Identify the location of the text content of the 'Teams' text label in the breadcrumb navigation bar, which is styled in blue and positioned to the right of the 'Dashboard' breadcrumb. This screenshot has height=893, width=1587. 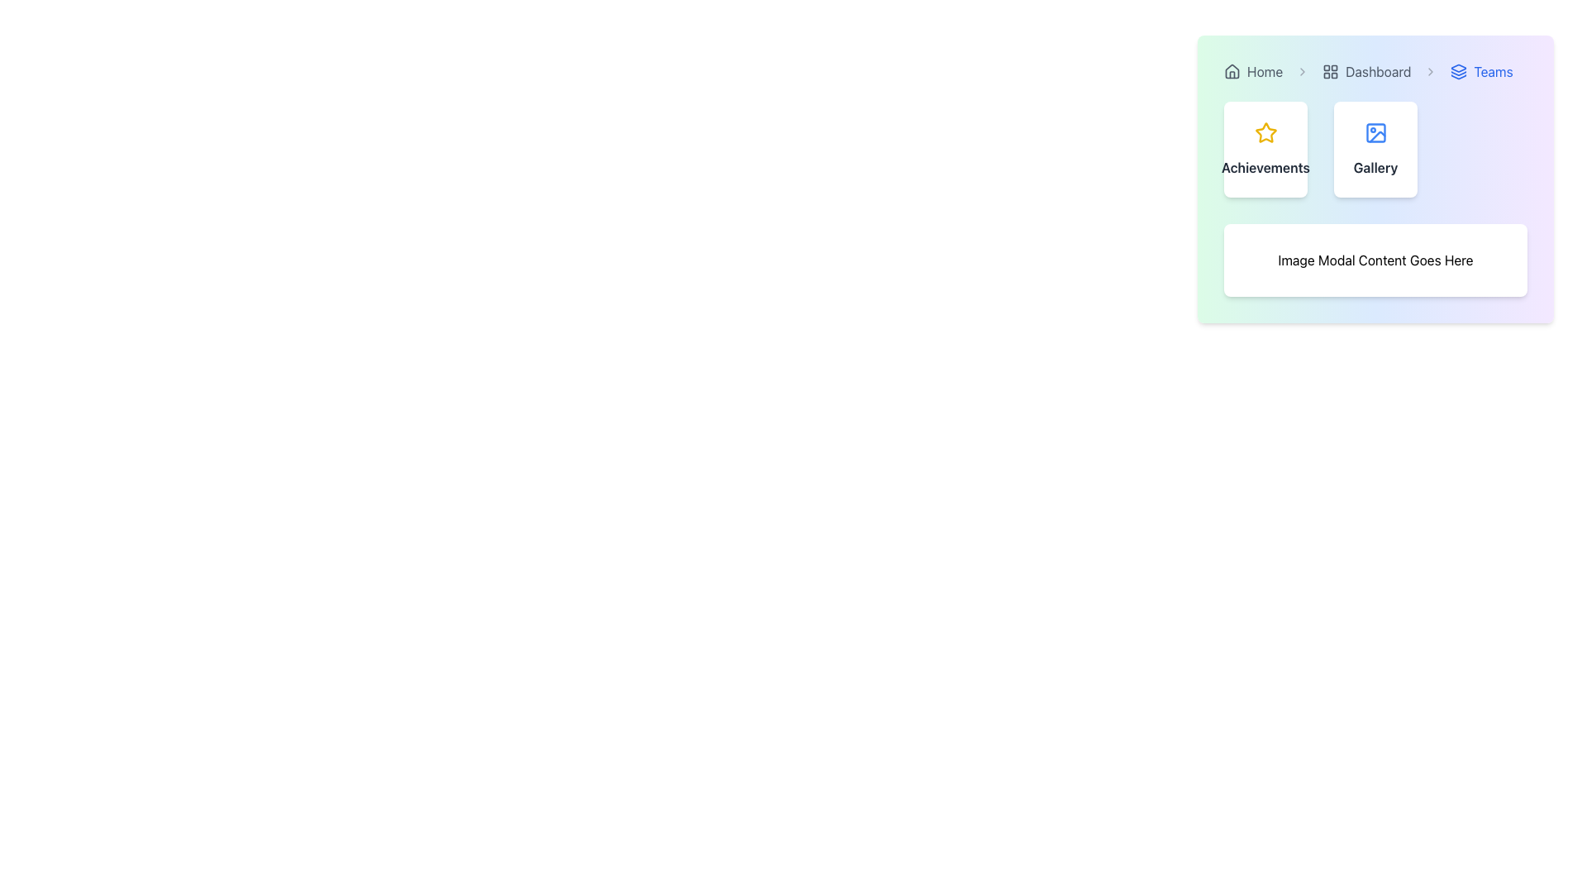
(1494, 71).